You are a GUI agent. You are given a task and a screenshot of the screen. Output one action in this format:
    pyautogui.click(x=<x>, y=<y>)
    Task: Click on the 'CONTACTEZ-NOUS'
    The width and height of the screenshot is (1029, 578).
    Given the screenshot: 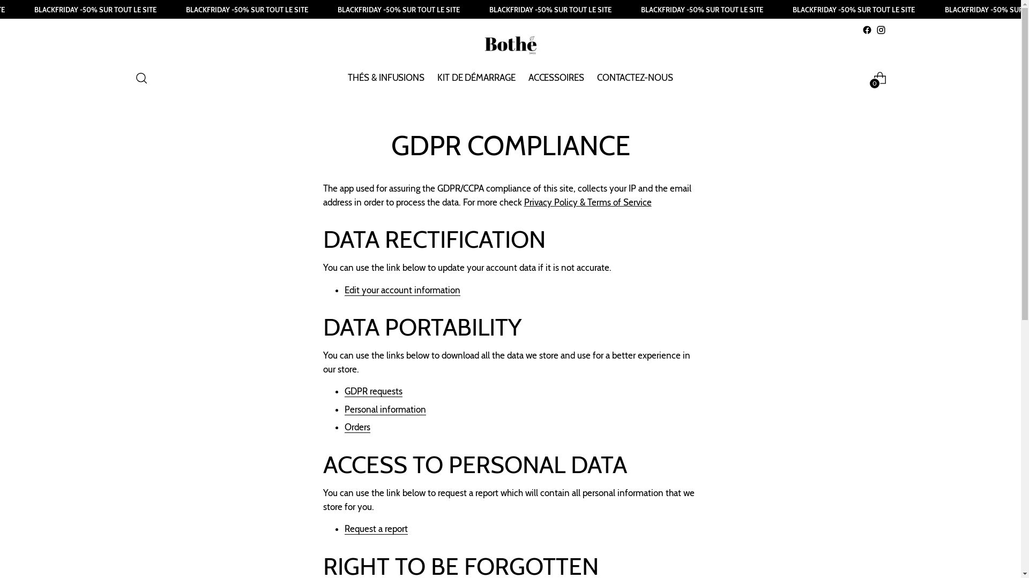 What is the action you would take?
    pyautogui.click(x=635, y=78)
    